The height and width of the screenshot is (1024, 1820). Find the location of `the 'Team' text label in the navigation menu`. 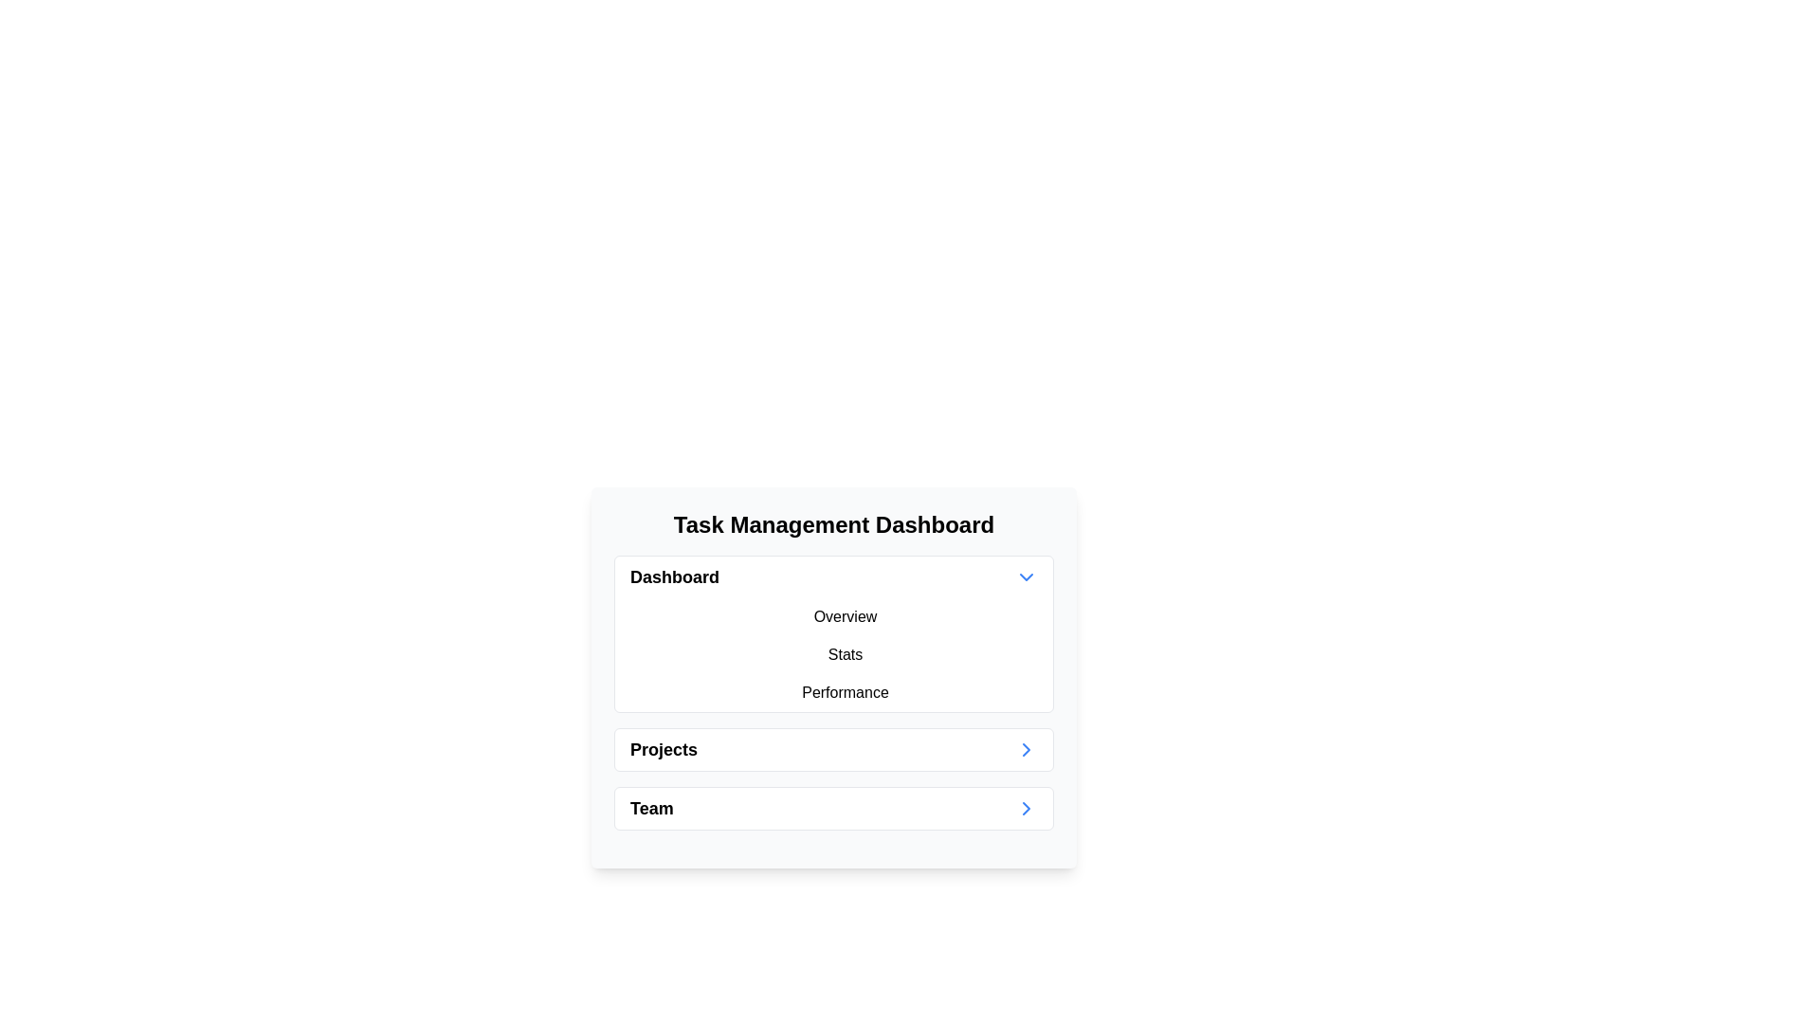

the 'Team' text label in the navigation menu is located at coordinates (651, 808).